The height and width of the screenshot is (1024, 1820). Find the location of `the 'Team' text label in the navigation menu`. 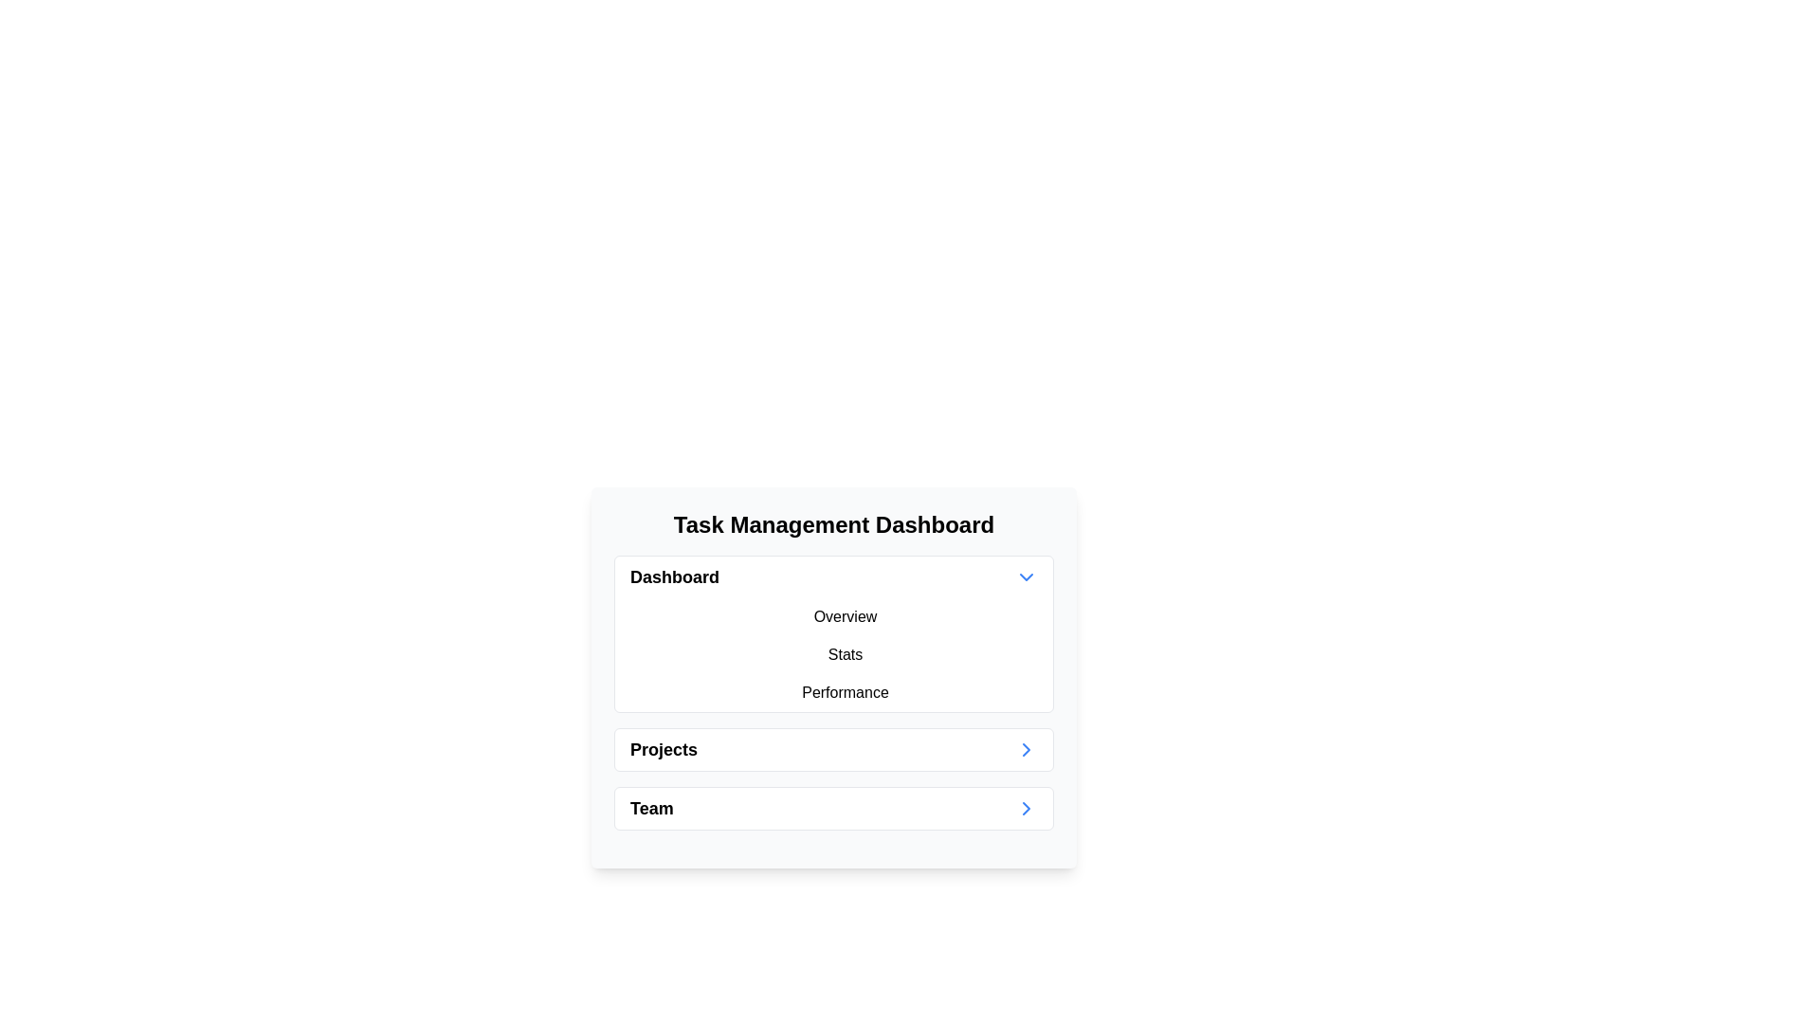

the 'Team' text label in the navigation menu is located at coordinates (651, 808).